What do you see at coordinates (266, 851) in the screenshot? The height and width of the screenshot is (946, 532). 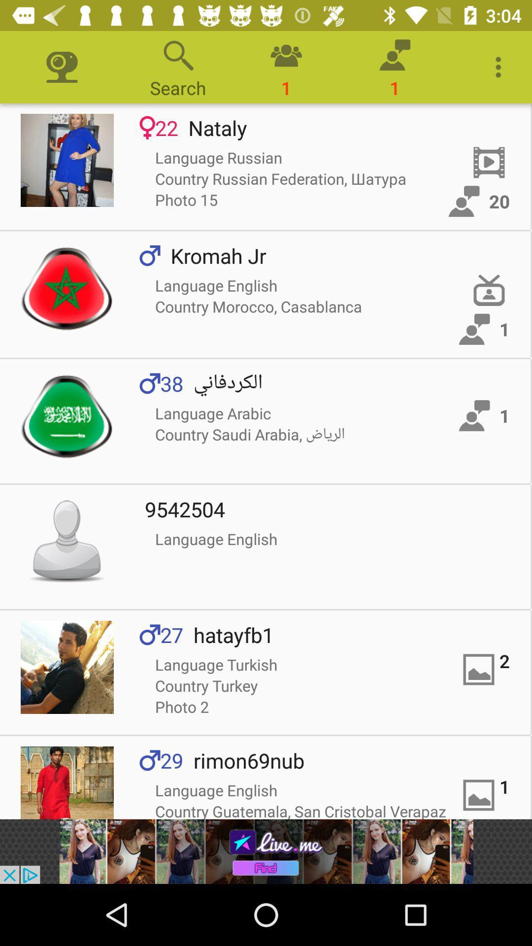 I see `advertisement` at bounding box center [266, 851].